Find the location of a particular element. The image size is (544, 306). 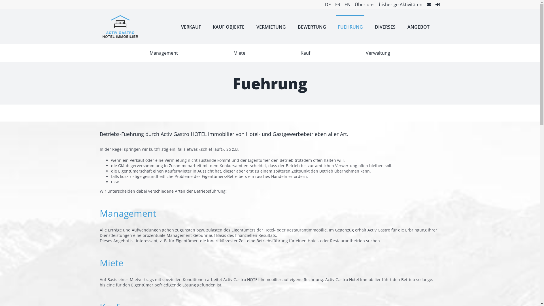

'VERKAUF' is located at coordinates (191, 26).